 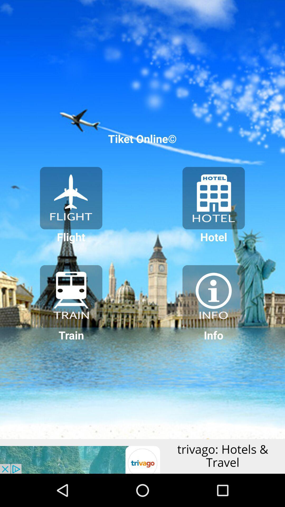 I want to click on info, so click(x=213, y=296).